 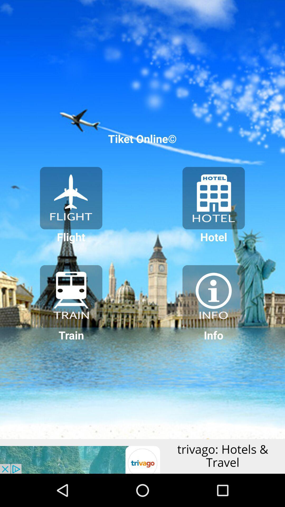 I want to click on info, so click(x=213, y=296).